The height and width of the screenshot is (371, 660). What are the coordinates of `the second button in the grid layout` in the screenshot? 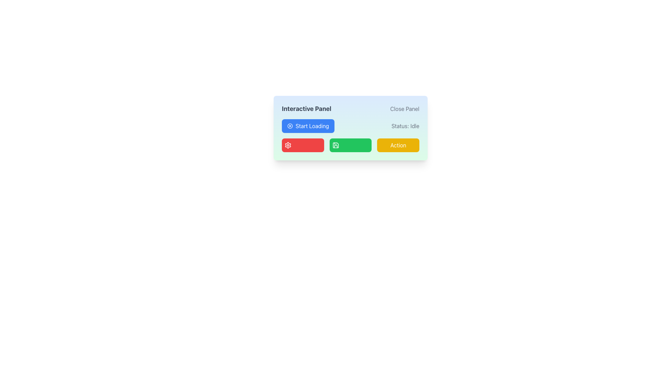 It's located at (350, 145).